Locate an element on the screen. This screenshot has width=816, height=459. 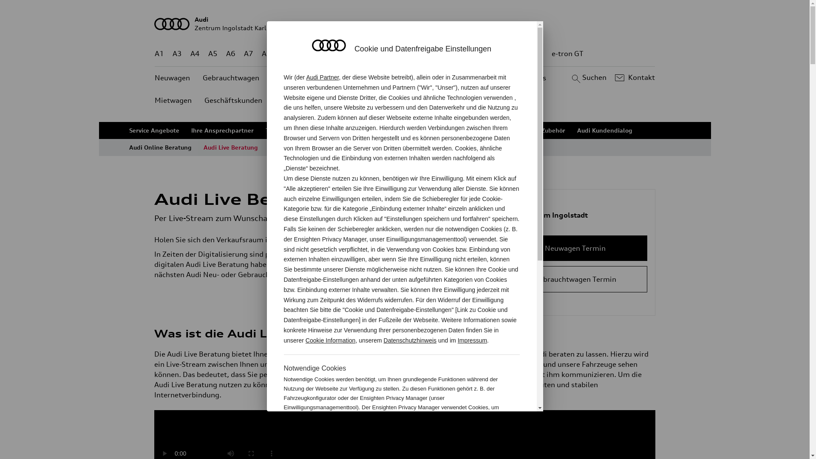
'Suchen' is located at coordinates (587, 77).